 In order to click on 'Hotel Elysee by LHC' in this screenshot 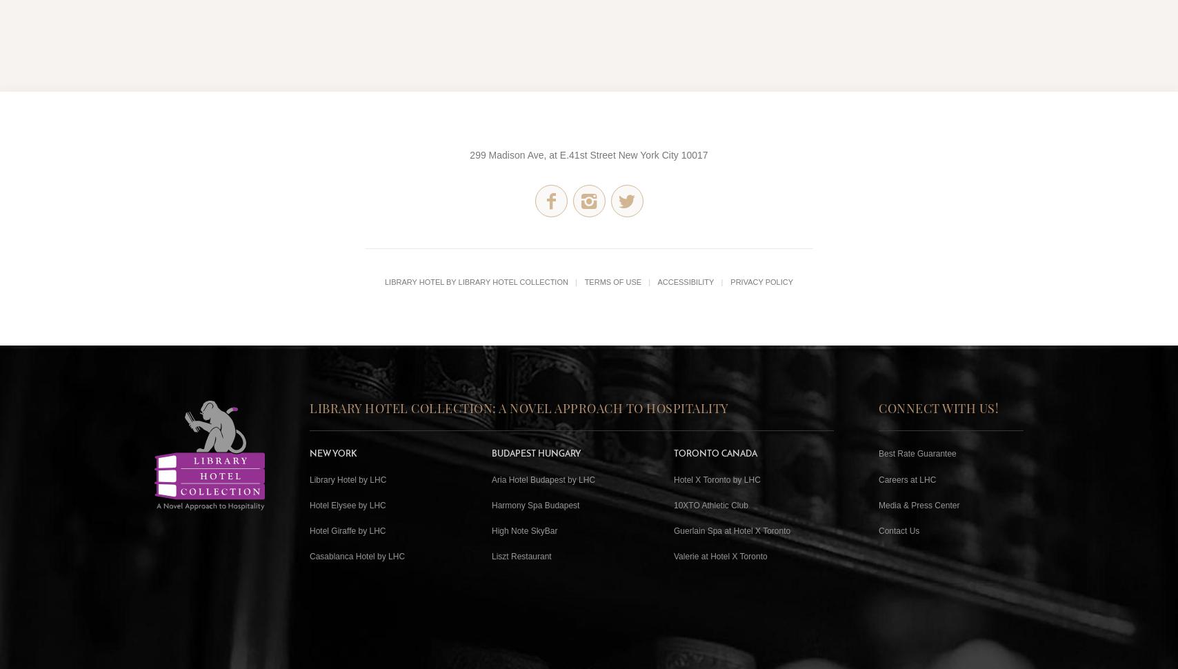, I will do `click(348, 503)`.